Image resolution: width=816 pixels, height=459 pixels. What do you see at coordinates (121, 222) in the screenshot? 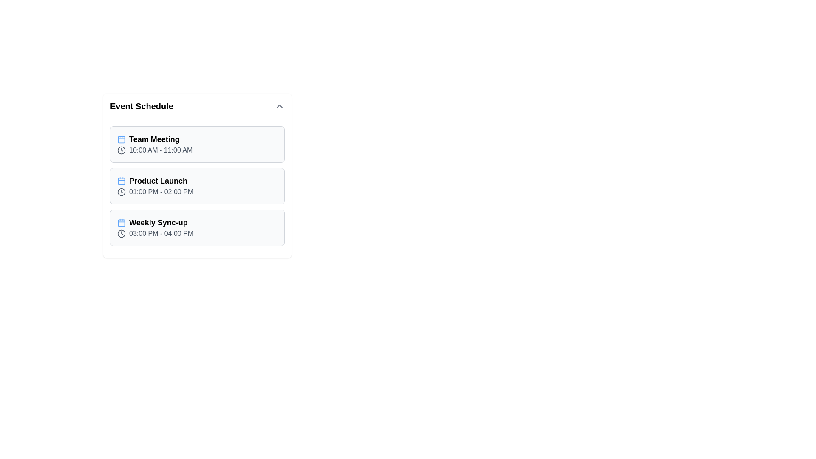
I see `the calendar icon located to the left of the text 'Weekly Sync-up' in the third list item of the 'Event Schedule' section` at bounding box center [121, 222].